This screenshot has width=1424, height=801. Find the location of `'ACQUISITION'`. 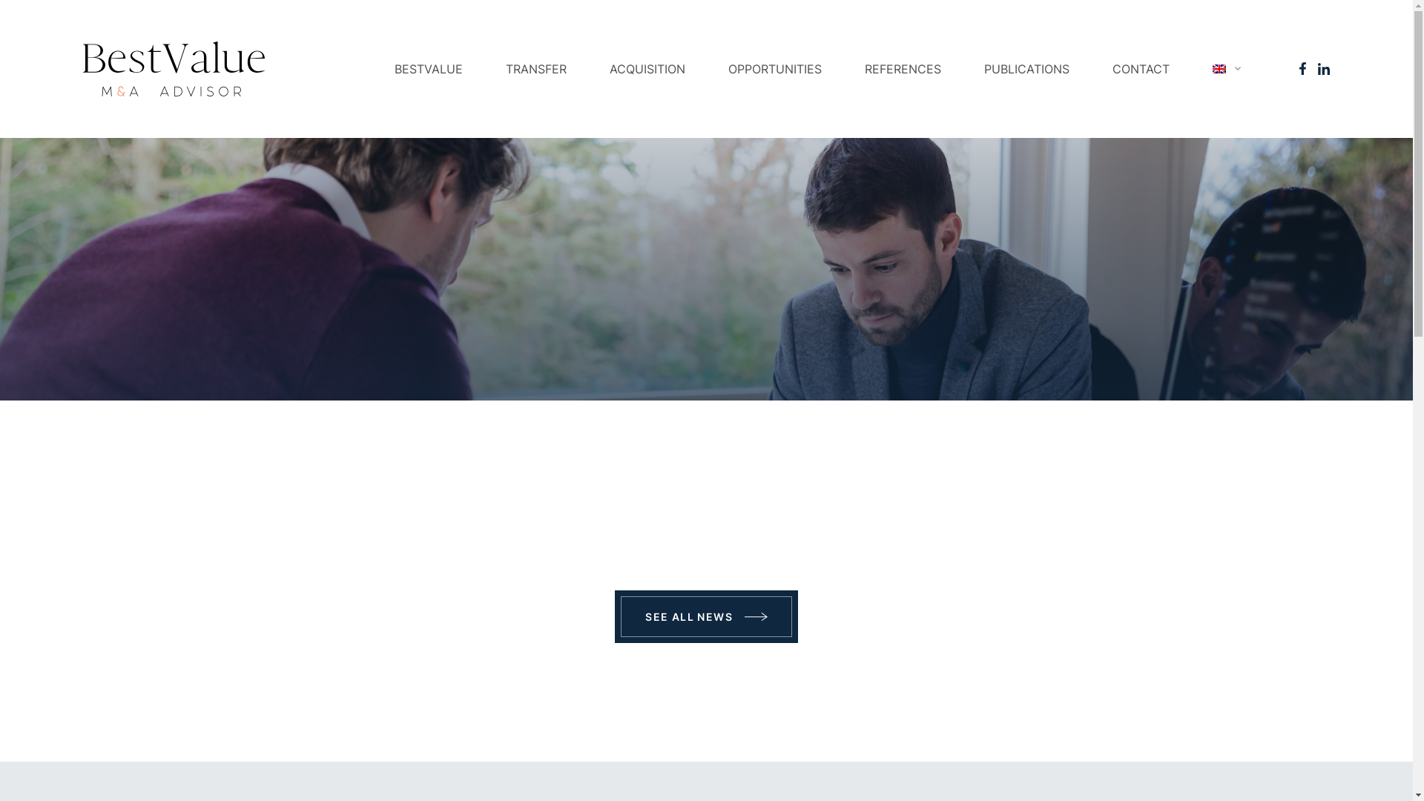

'ACQUISITION' is located at coordinates (647, 68).